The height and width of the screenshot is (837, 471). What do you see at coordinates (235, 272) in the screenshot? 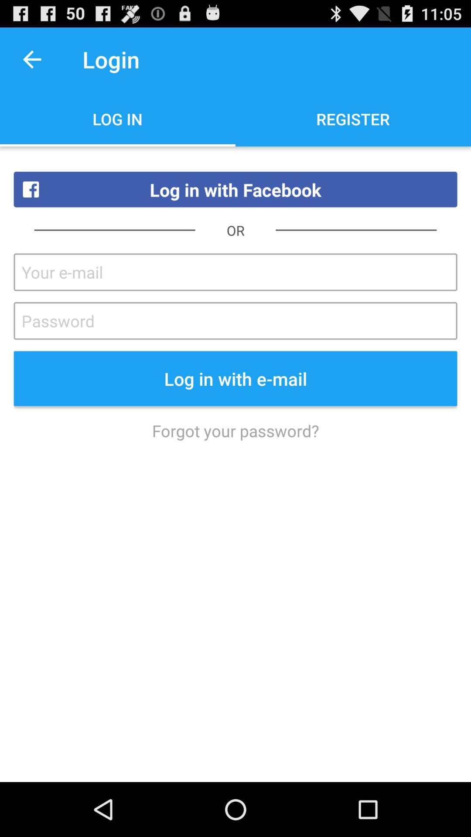
I see `instead of your email just email wiill work better` at bounding box center [235, 272].